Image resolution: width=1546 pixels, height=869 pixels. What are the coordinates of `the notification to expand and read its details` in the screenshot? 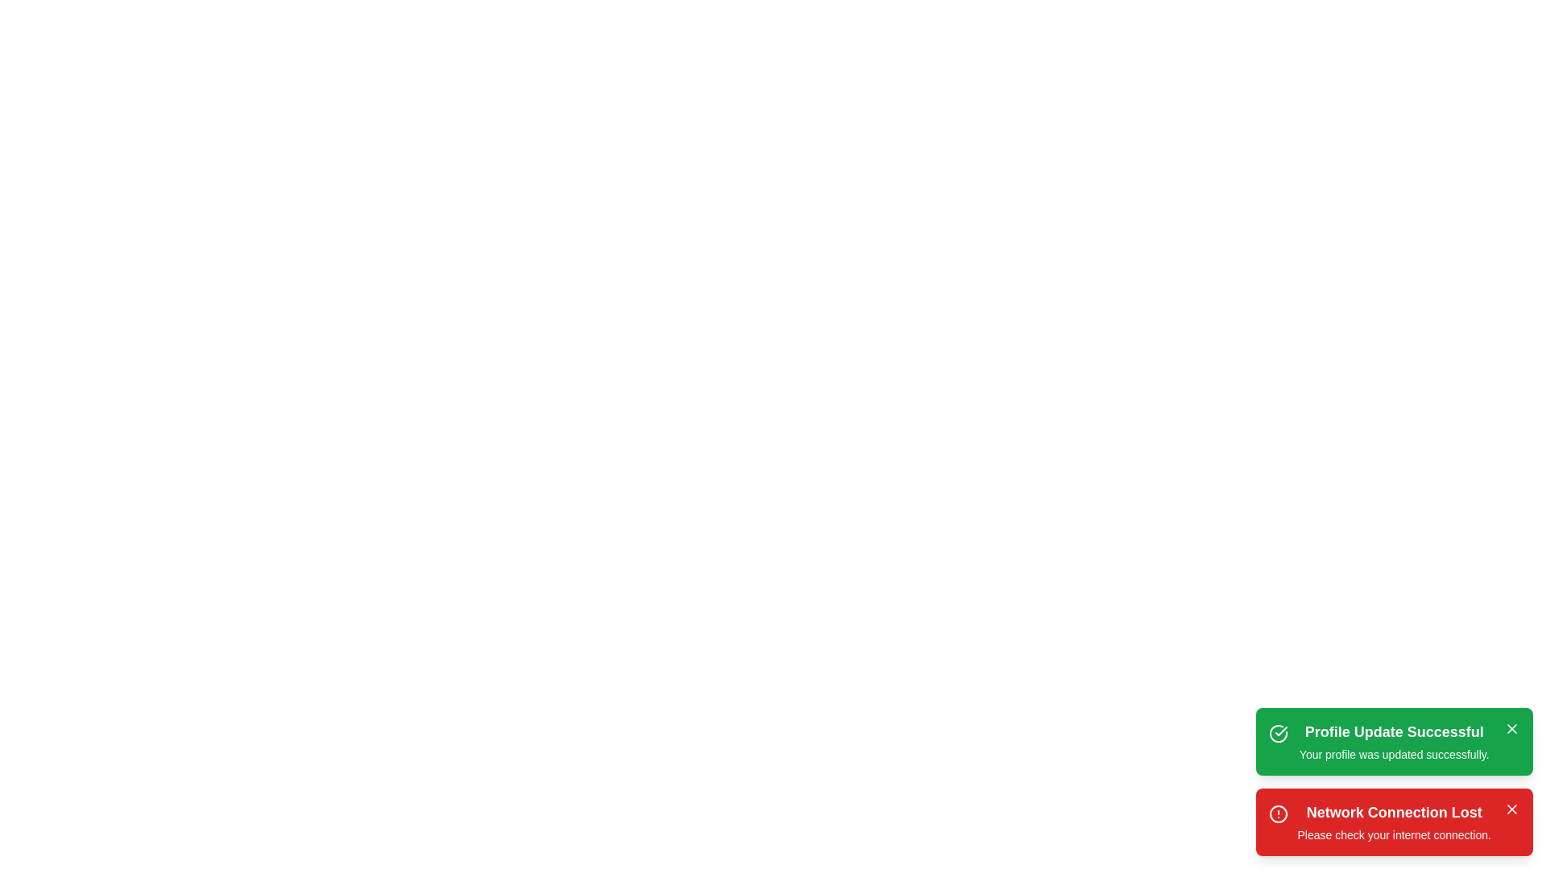 It's located at (1393, 741).